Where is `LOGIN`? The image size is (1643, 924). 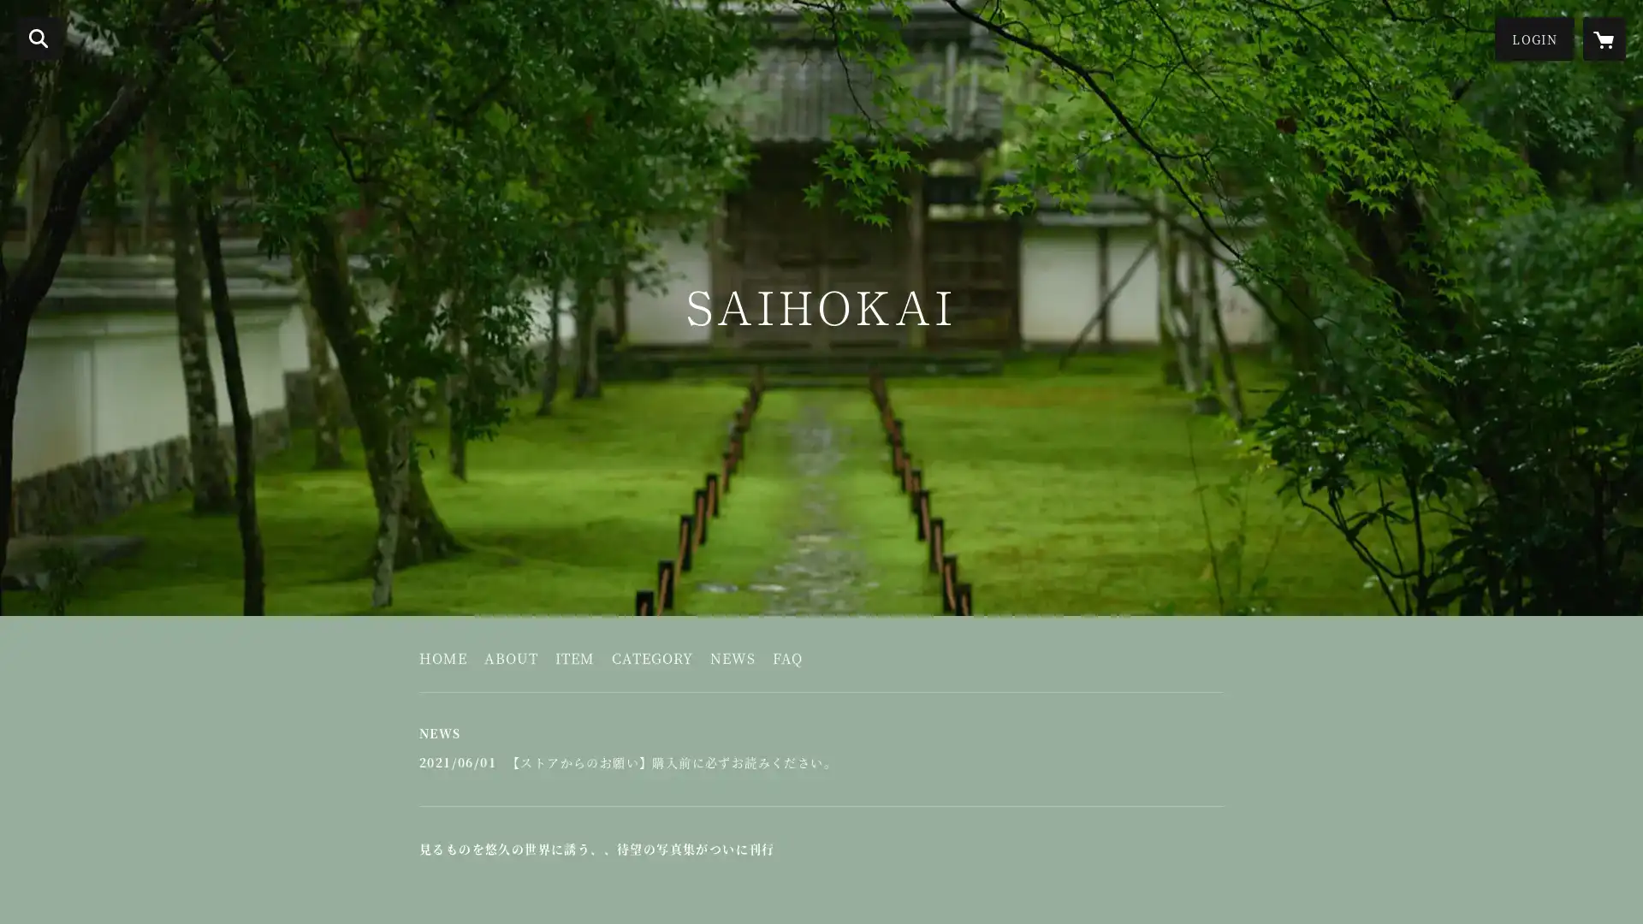
LOGIN is located at coordinates (1534, 38).